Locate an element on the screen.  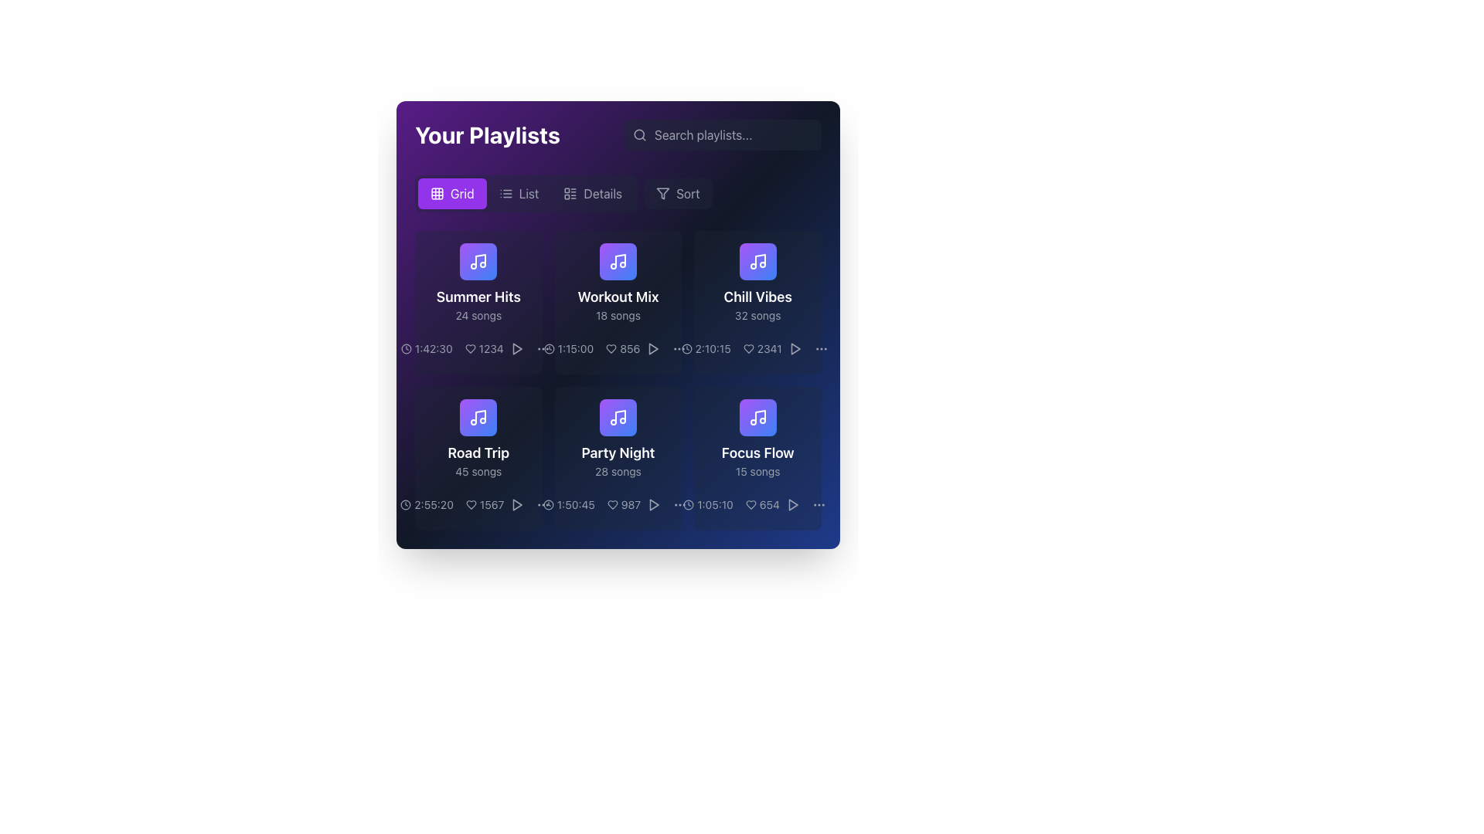
the heart icon indicating the number of likes (1567) for the 'Road Trip' playlist entry is located at coordinates (478, 505).